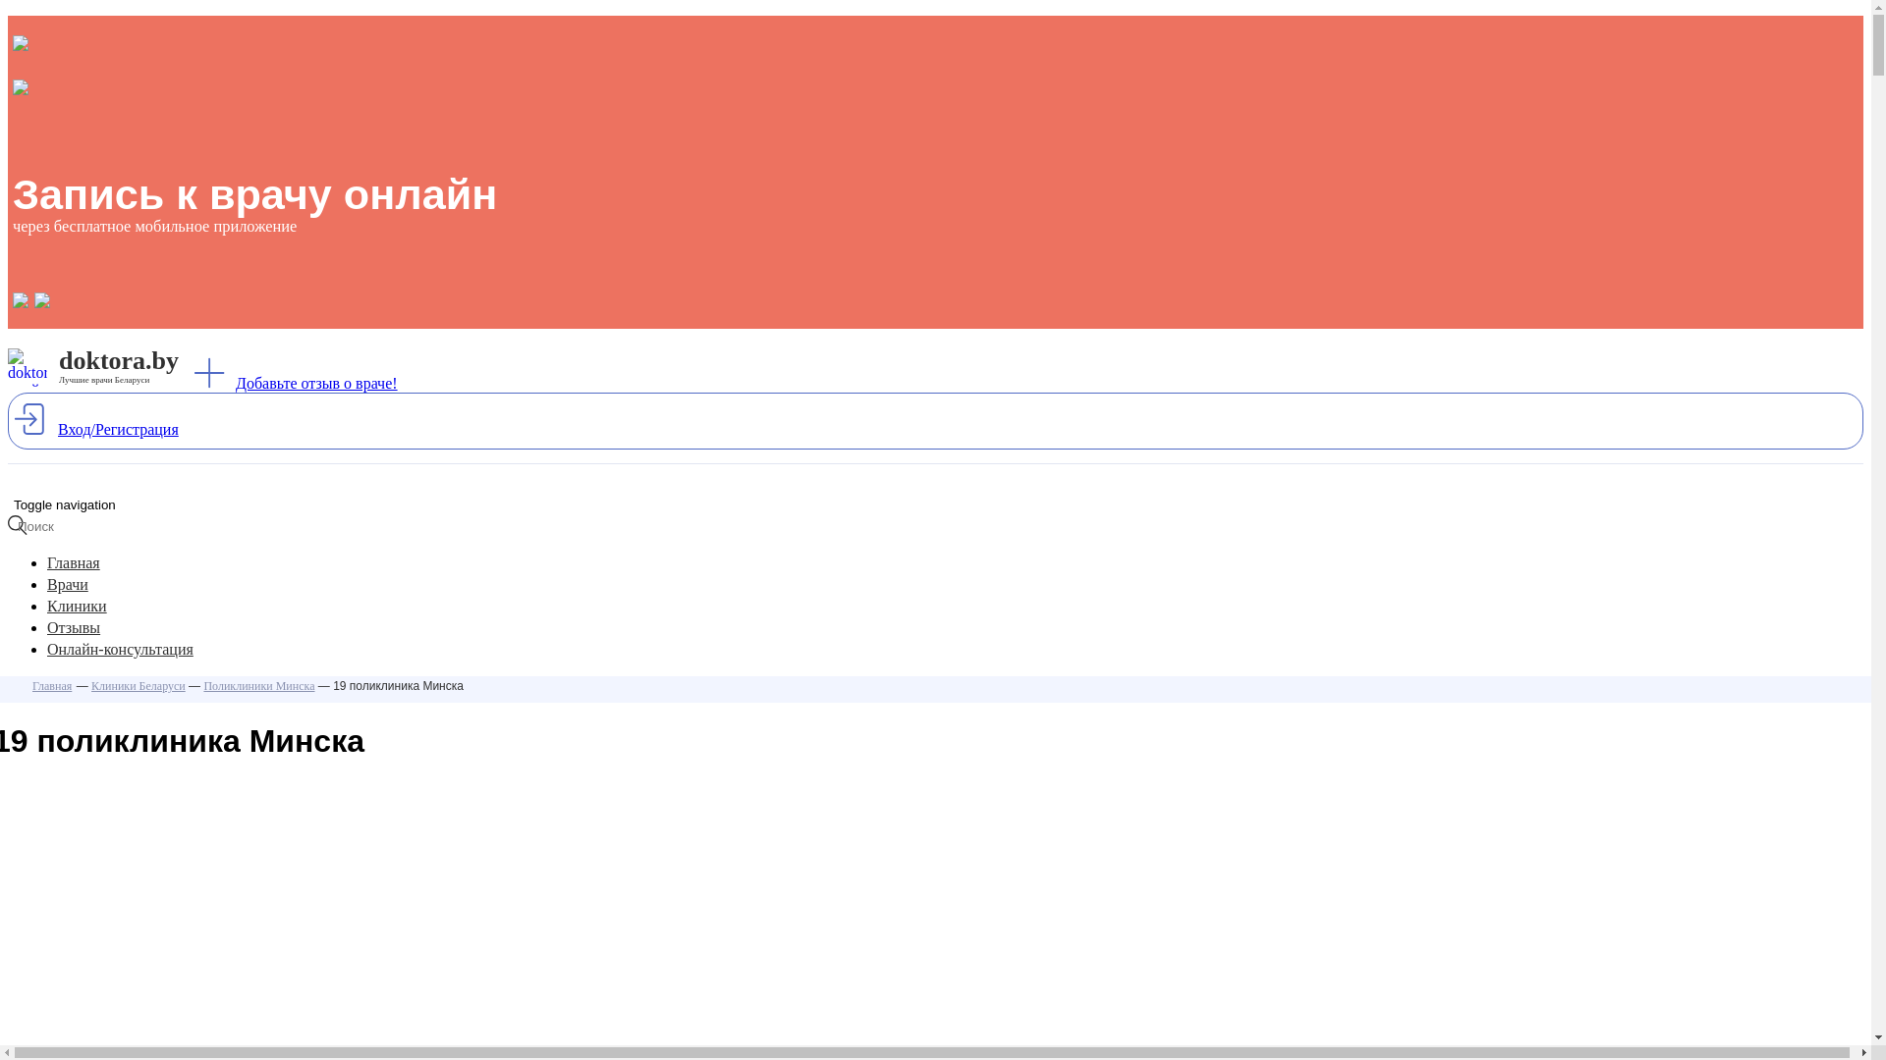 The image size is (1886, 1060). Describe the element at coordinates (22, 10) in the screenshot. I see `'Rate'` at that location.